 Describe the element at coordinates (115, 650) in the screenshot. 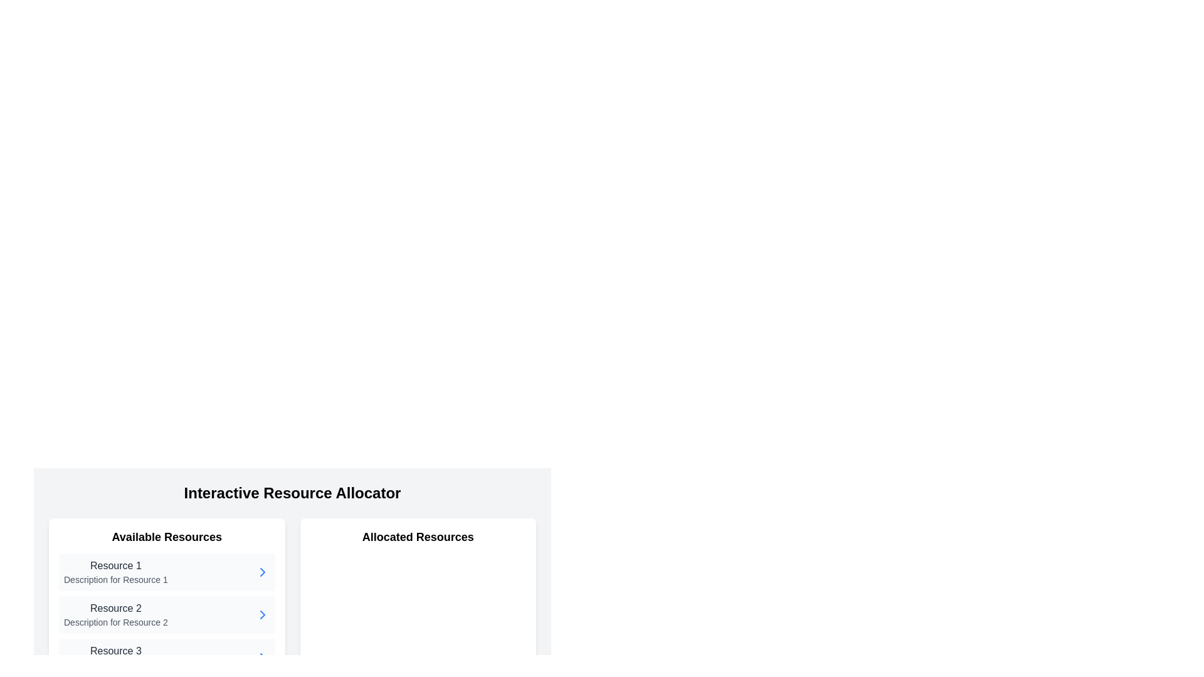

I see `the Text label that denotes a specific item or resource located at the bottom of the list under 'Available Resources'` at that location.